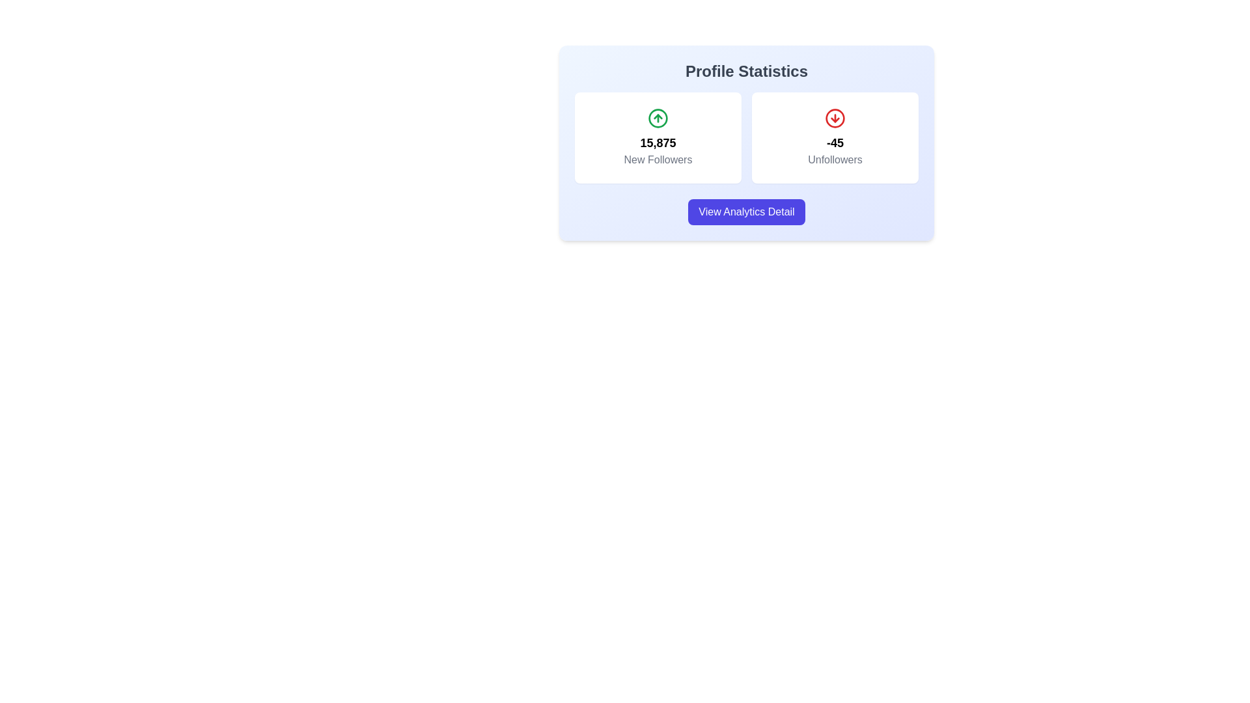 This screenshot has width=1250, height=703. I want to click on text content of the heading for the profile analytics section, which is centrally located at the top of the card containing follower metrics and analytics details, so click(747, 72).